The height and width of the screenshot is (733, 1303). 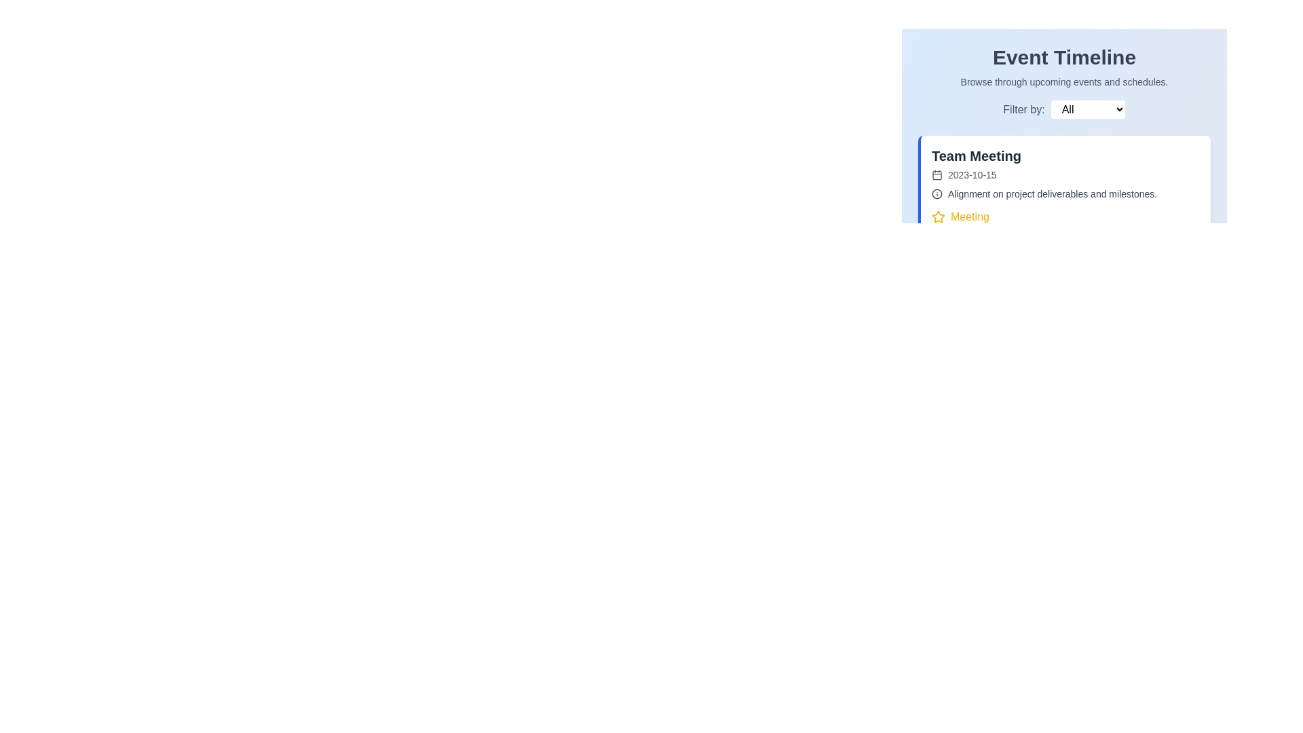 What do you see at coordinates (975, 174) in the screenshot?
I see `date displayed in the Text label that is located below the 'Team Meeting' heading, aligned with the calendar icon` at bounding box center [975, 174].